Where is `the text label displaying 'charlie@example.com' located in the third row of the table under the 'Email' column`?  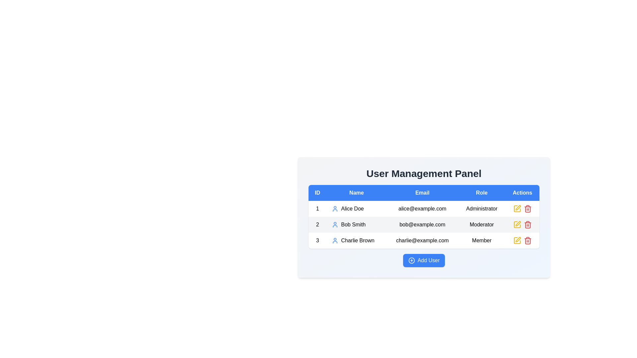 the text label displaying 'charlie@example.com' located in the third row of the table under the 'Email' column is located at coordinates (422, 240).